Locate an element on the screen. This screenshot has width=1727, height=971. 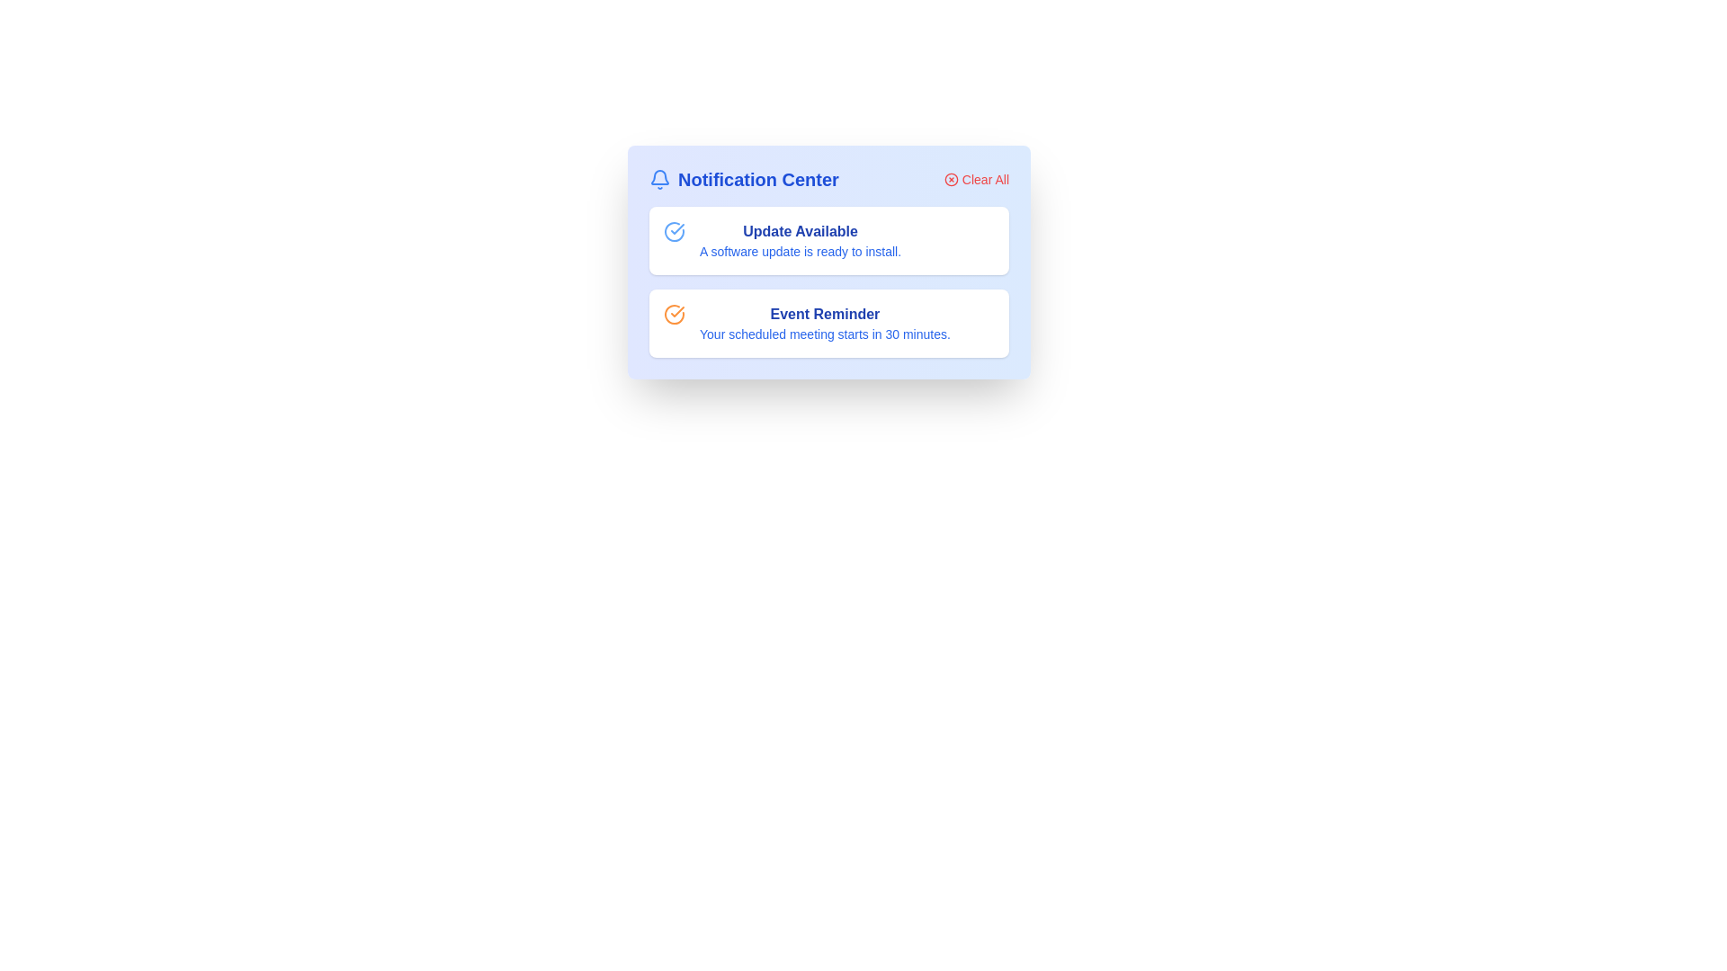
the title text label of the second notification in the blue notification panel, which summarizes the purpose of the notification is located at coordinates (824, 314).